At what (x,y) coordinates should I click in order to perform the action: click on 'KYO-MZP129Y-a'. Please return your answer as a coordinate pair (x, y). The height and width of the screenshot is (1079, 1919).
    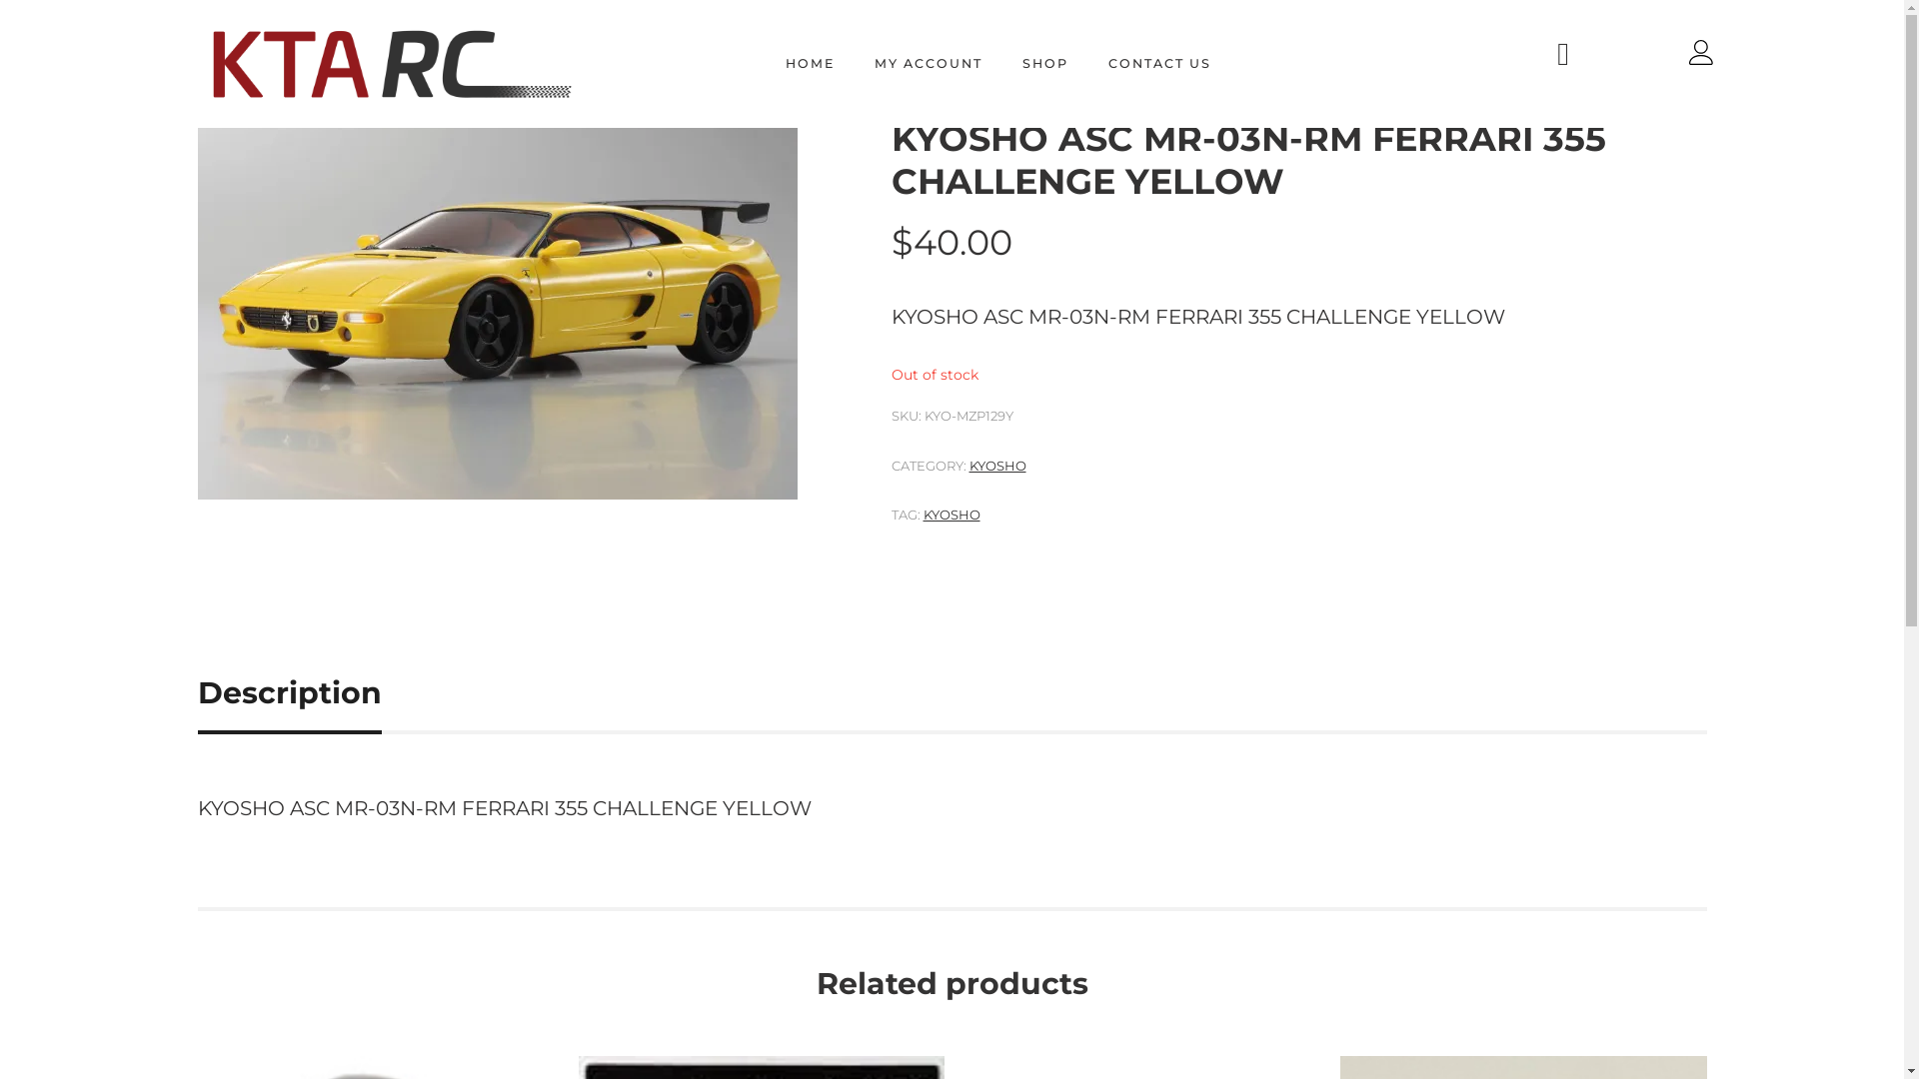
    Looking at the image, I should click on (498, 274).